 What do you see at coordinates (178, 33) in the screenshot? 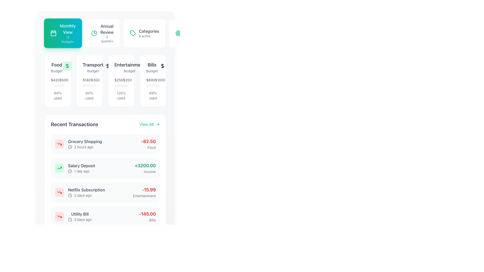
I see `the circular SVG icon with concentric rings styled in green, located to the left of the text 'Financial Goals'` at bounding box center [178, 33].